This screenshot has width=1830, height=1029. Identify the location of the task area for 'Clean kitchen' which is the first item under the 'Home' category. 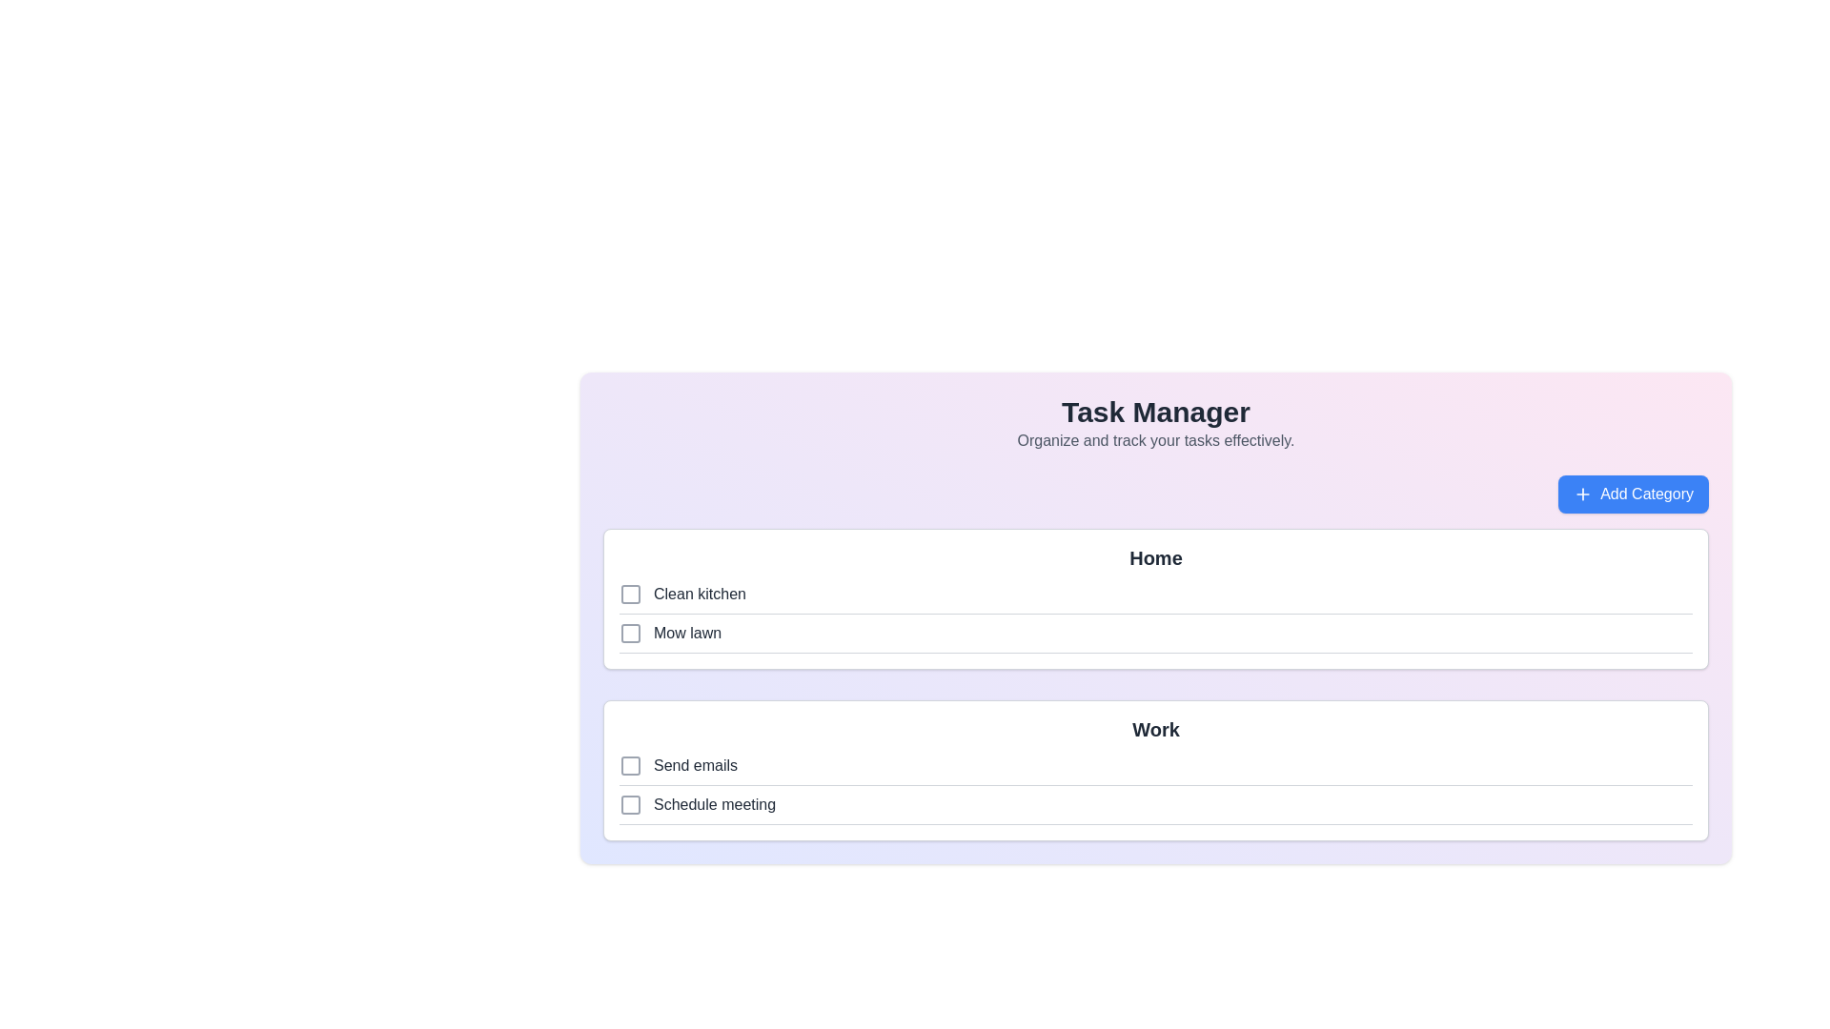
(1155, 597).